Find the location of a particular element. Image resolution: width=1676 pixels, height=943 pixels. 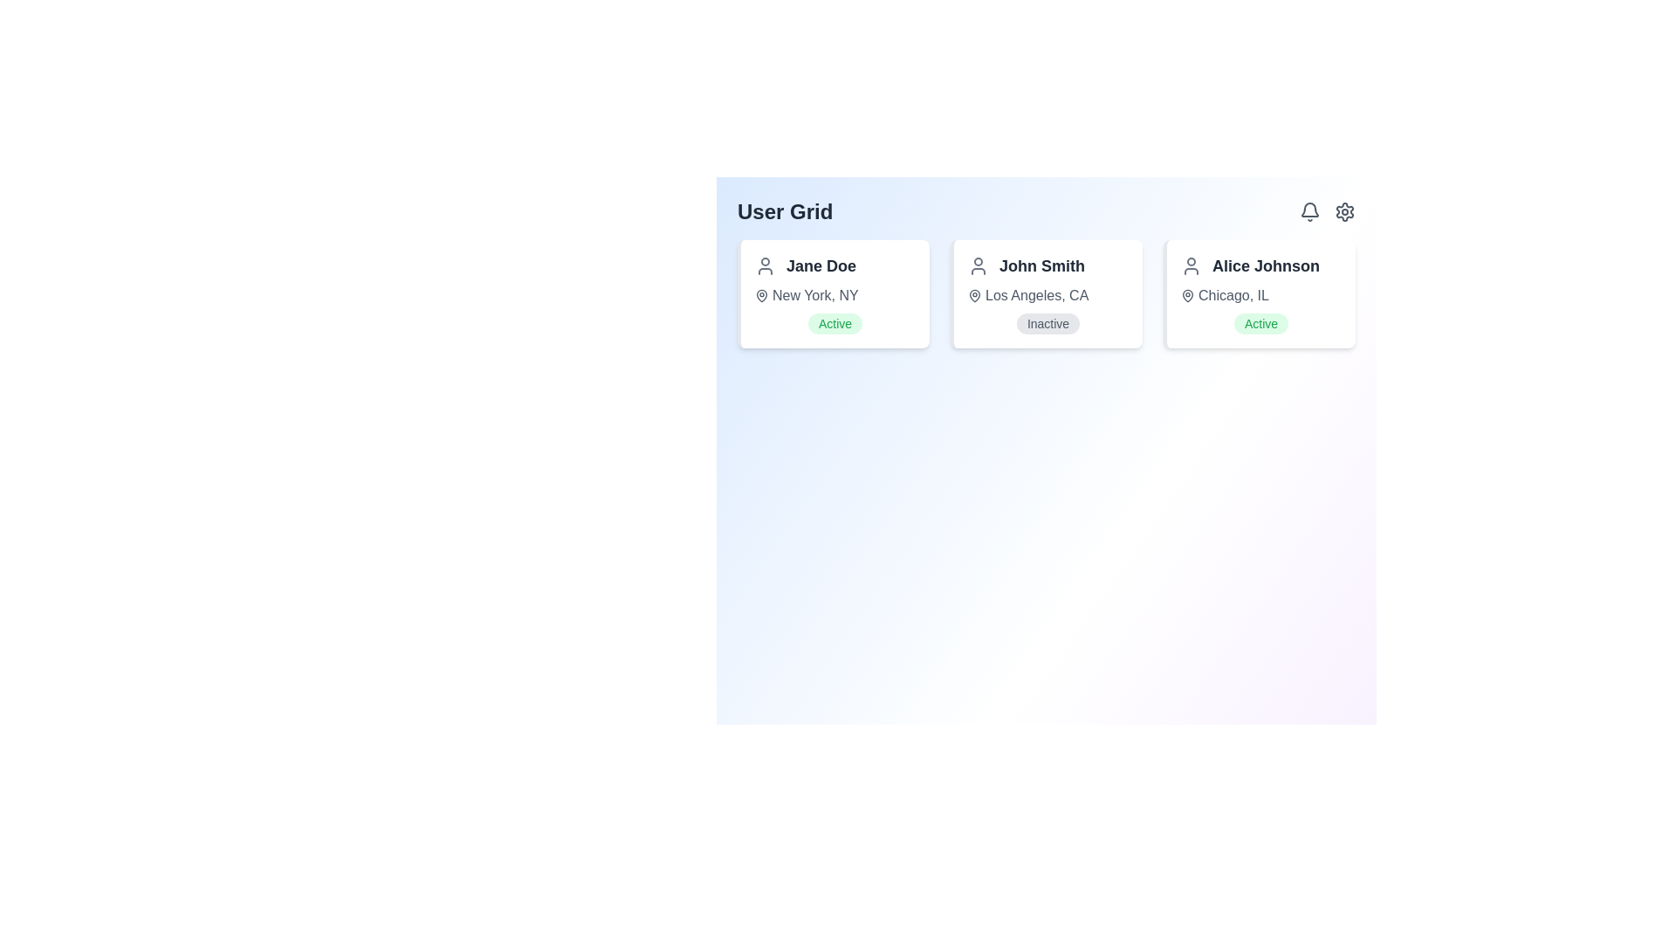

the profile icon located to the left of the text 'Alice Johnson' in the third user card is located at coordinates (1190, 265).